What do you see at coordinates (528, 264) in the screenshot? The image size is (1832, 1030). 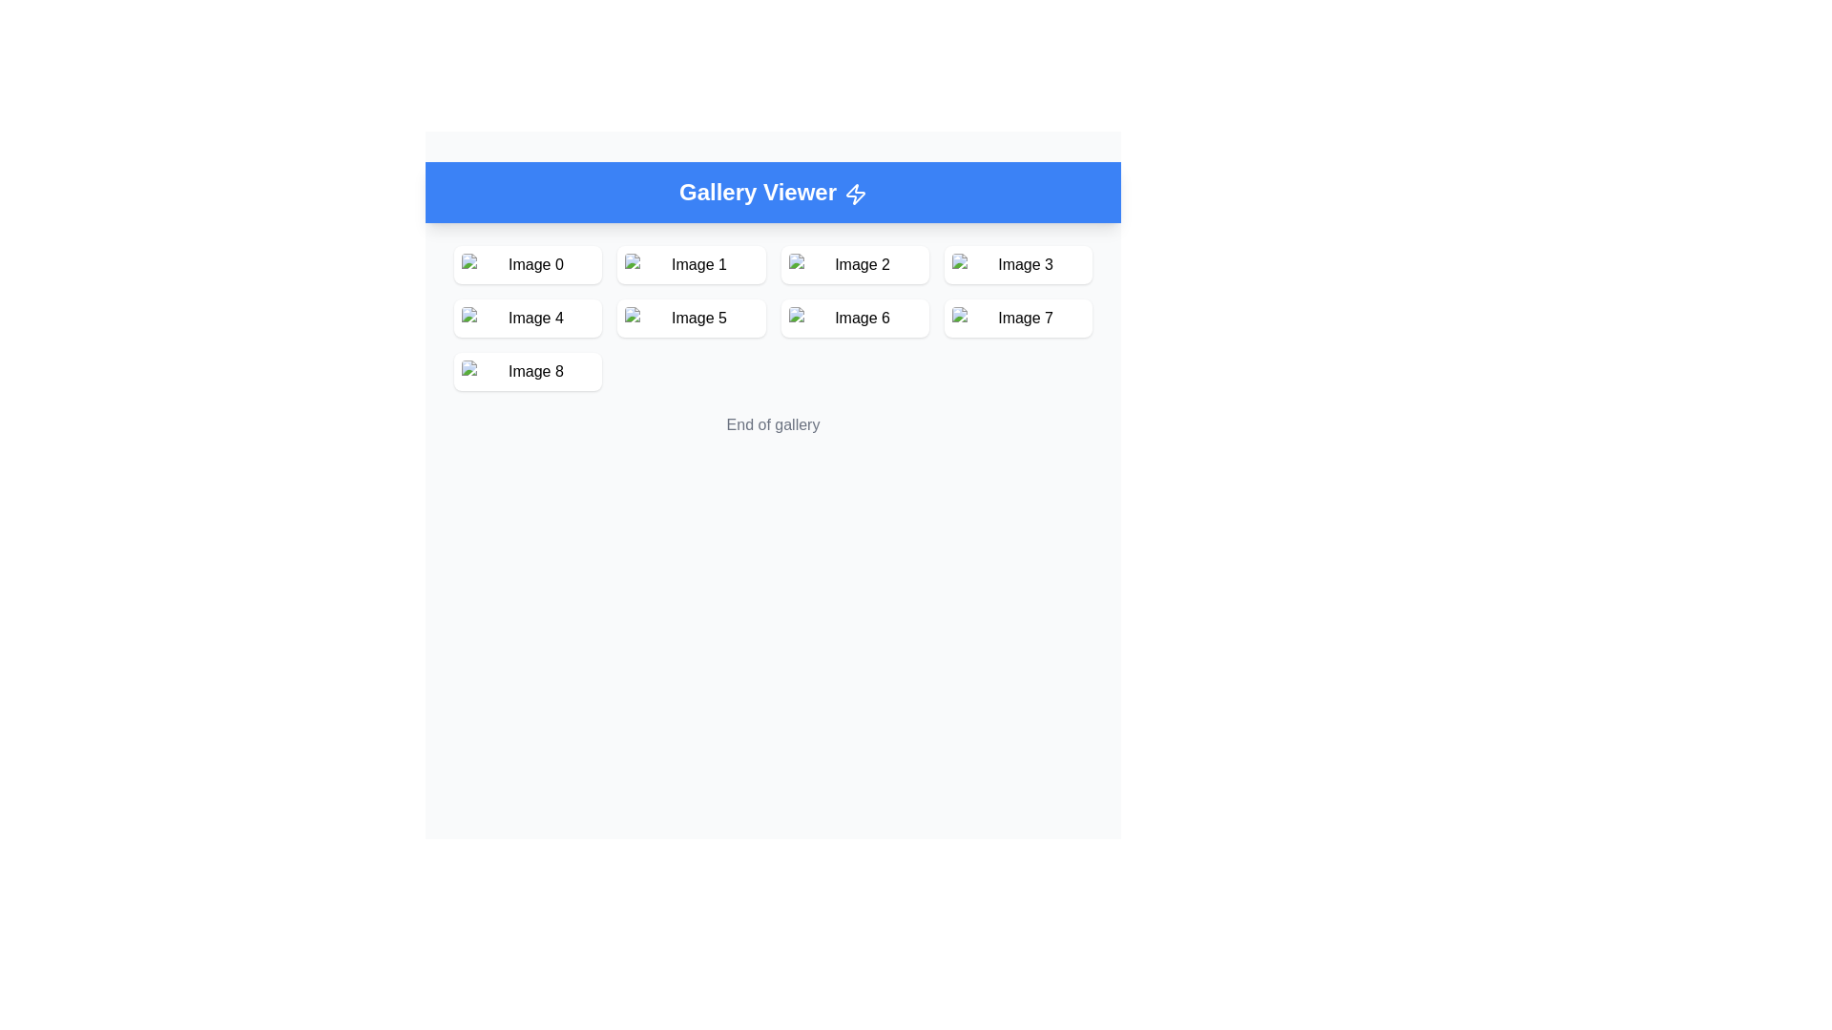 I see `the thumbnail image labeled 'Img0' in the gallery view` at bounding box center [528, 264].